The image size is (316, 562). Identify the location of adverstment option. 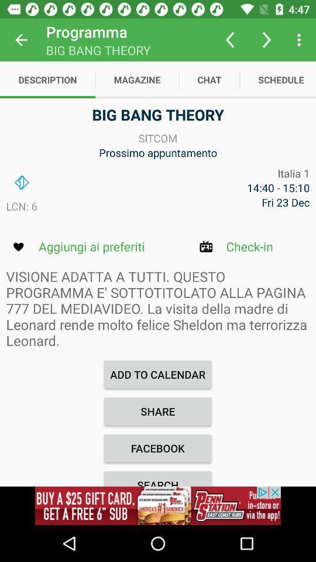
(158, 505).